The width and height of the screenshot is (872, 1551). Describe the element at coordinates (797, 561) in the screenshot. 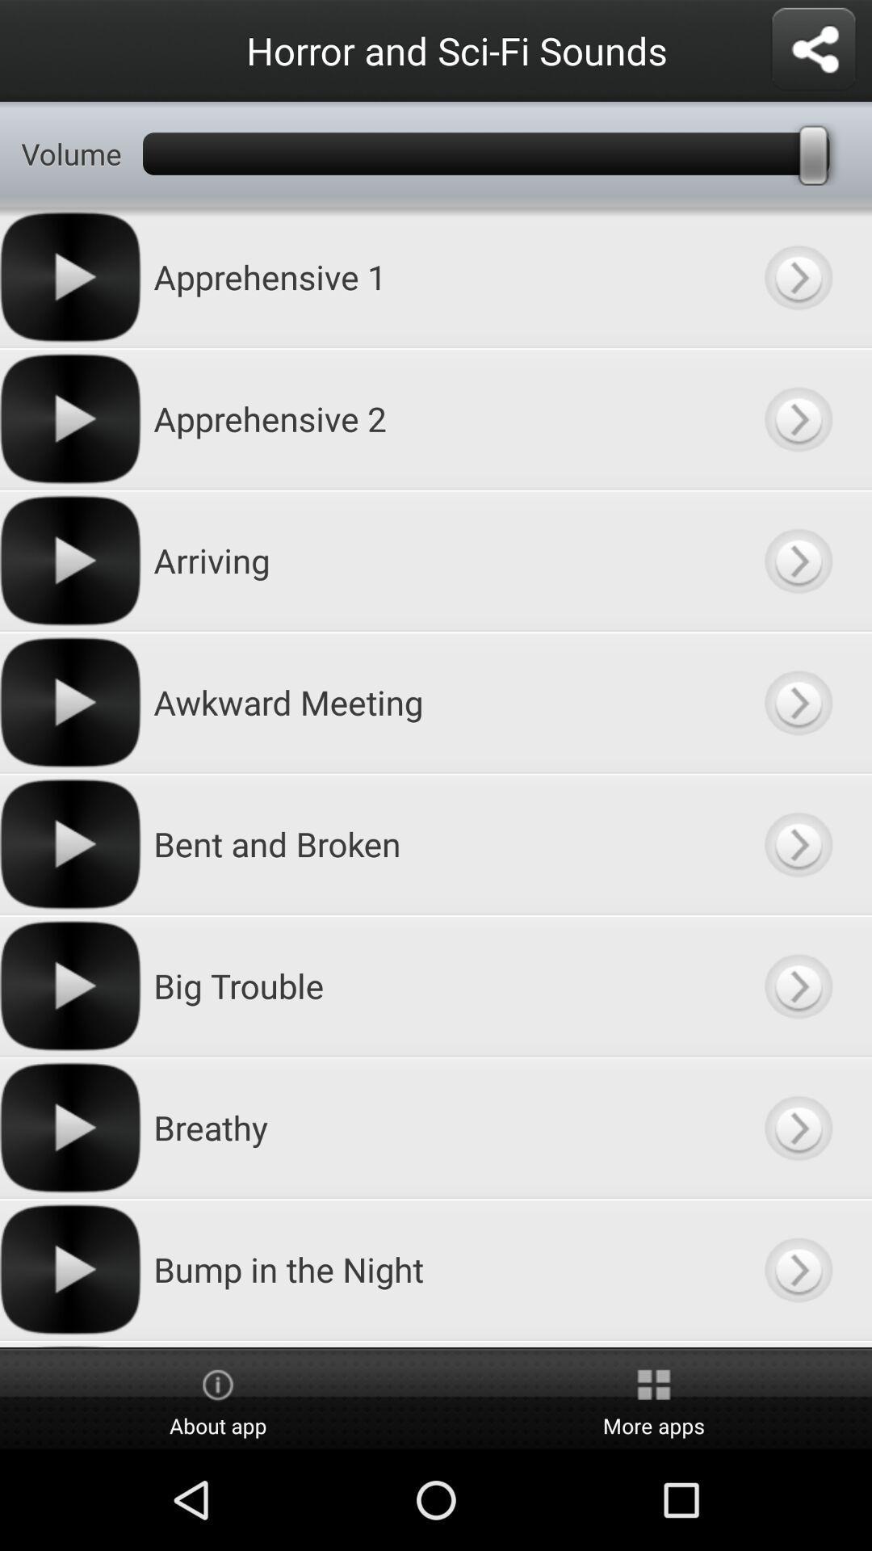

I see `chapter` at that location.